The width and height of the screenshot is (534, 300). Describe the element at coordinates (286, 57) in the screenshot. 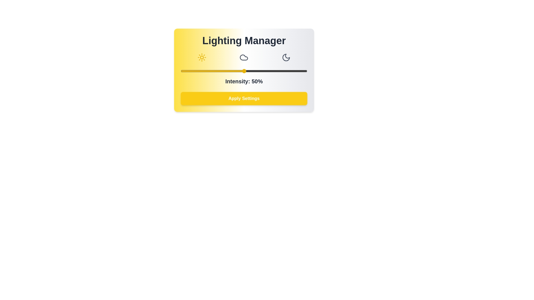

I see `the lighting mode Night to observe its visual representation` at that location.